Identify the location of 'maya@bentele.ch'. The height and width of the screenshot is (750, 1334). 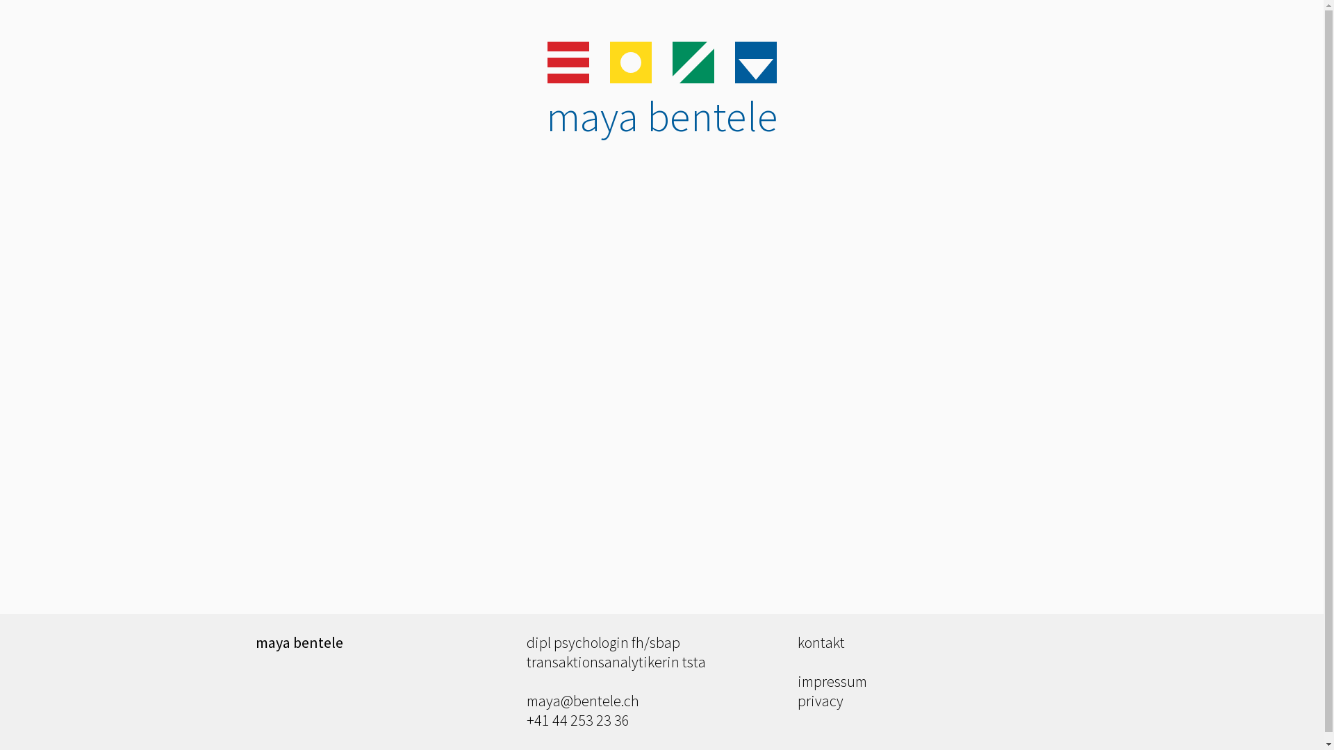
(583, 701).